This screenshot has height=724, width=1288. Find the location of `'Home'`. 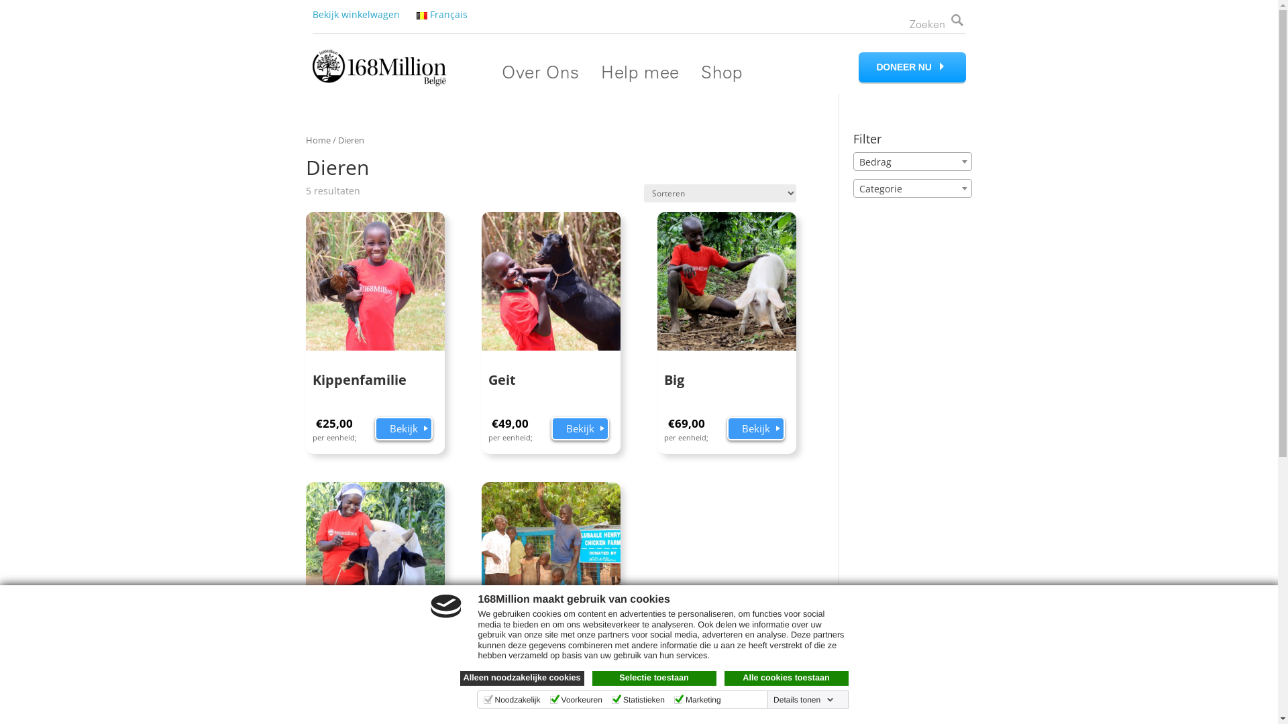

'Home' is located at coordinates (317, 139).